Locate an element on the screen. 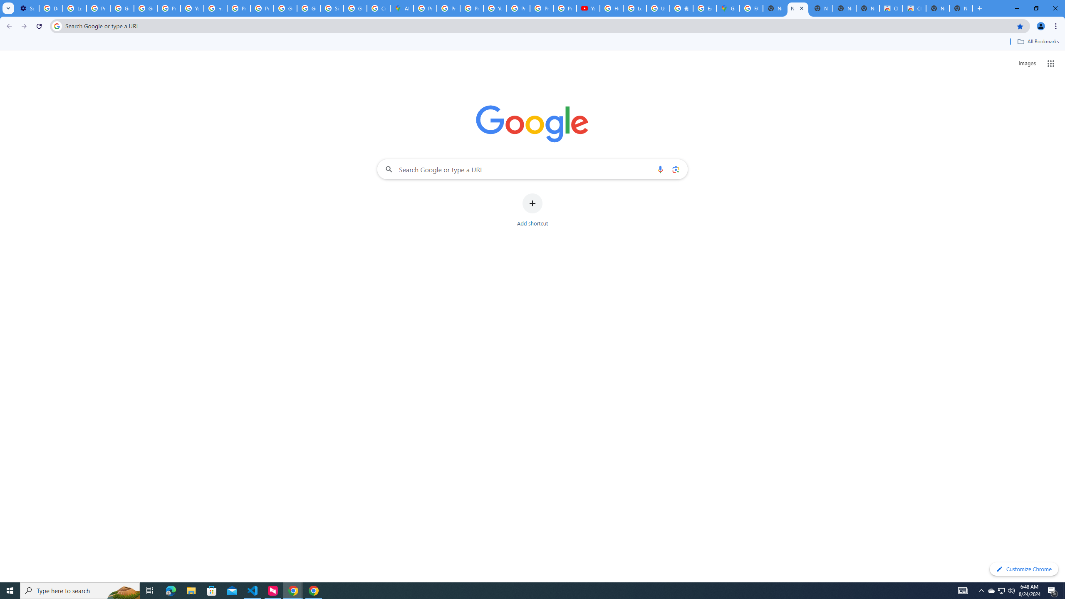 This screenshot has width=1065, height=599. 'YouTube' is located at coordinates (192, 8).